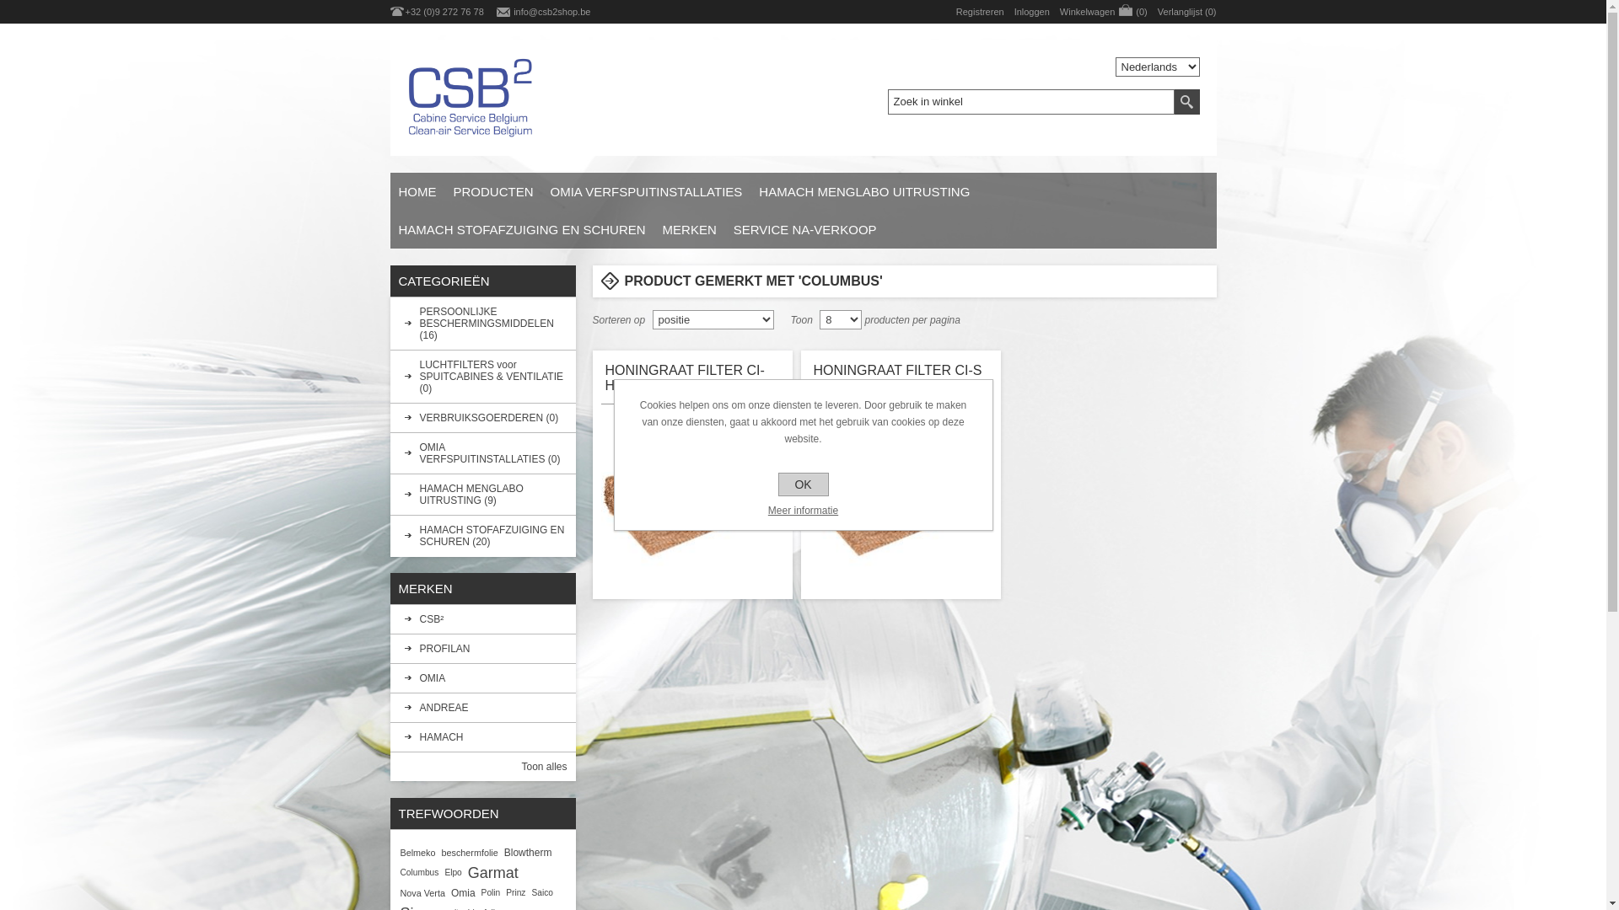 The width and height of the screenshot is (1619, 910). Describe the element at coordinates (527, 852) in the screenshot. I see `'Blowtherm'` at that location.